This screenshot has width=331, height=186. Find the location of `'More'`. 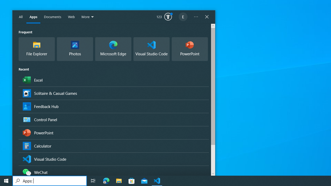

'More' is located at coordinates (88, 17).